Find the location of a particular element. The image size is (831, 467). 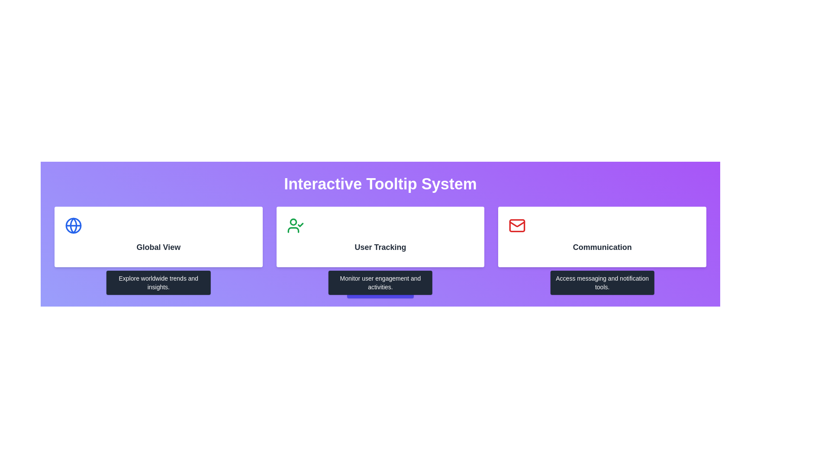

the tooltip visibility toggle button located at the bottom of the interface to observe the interaction effect is located at coordinates (380, 290).